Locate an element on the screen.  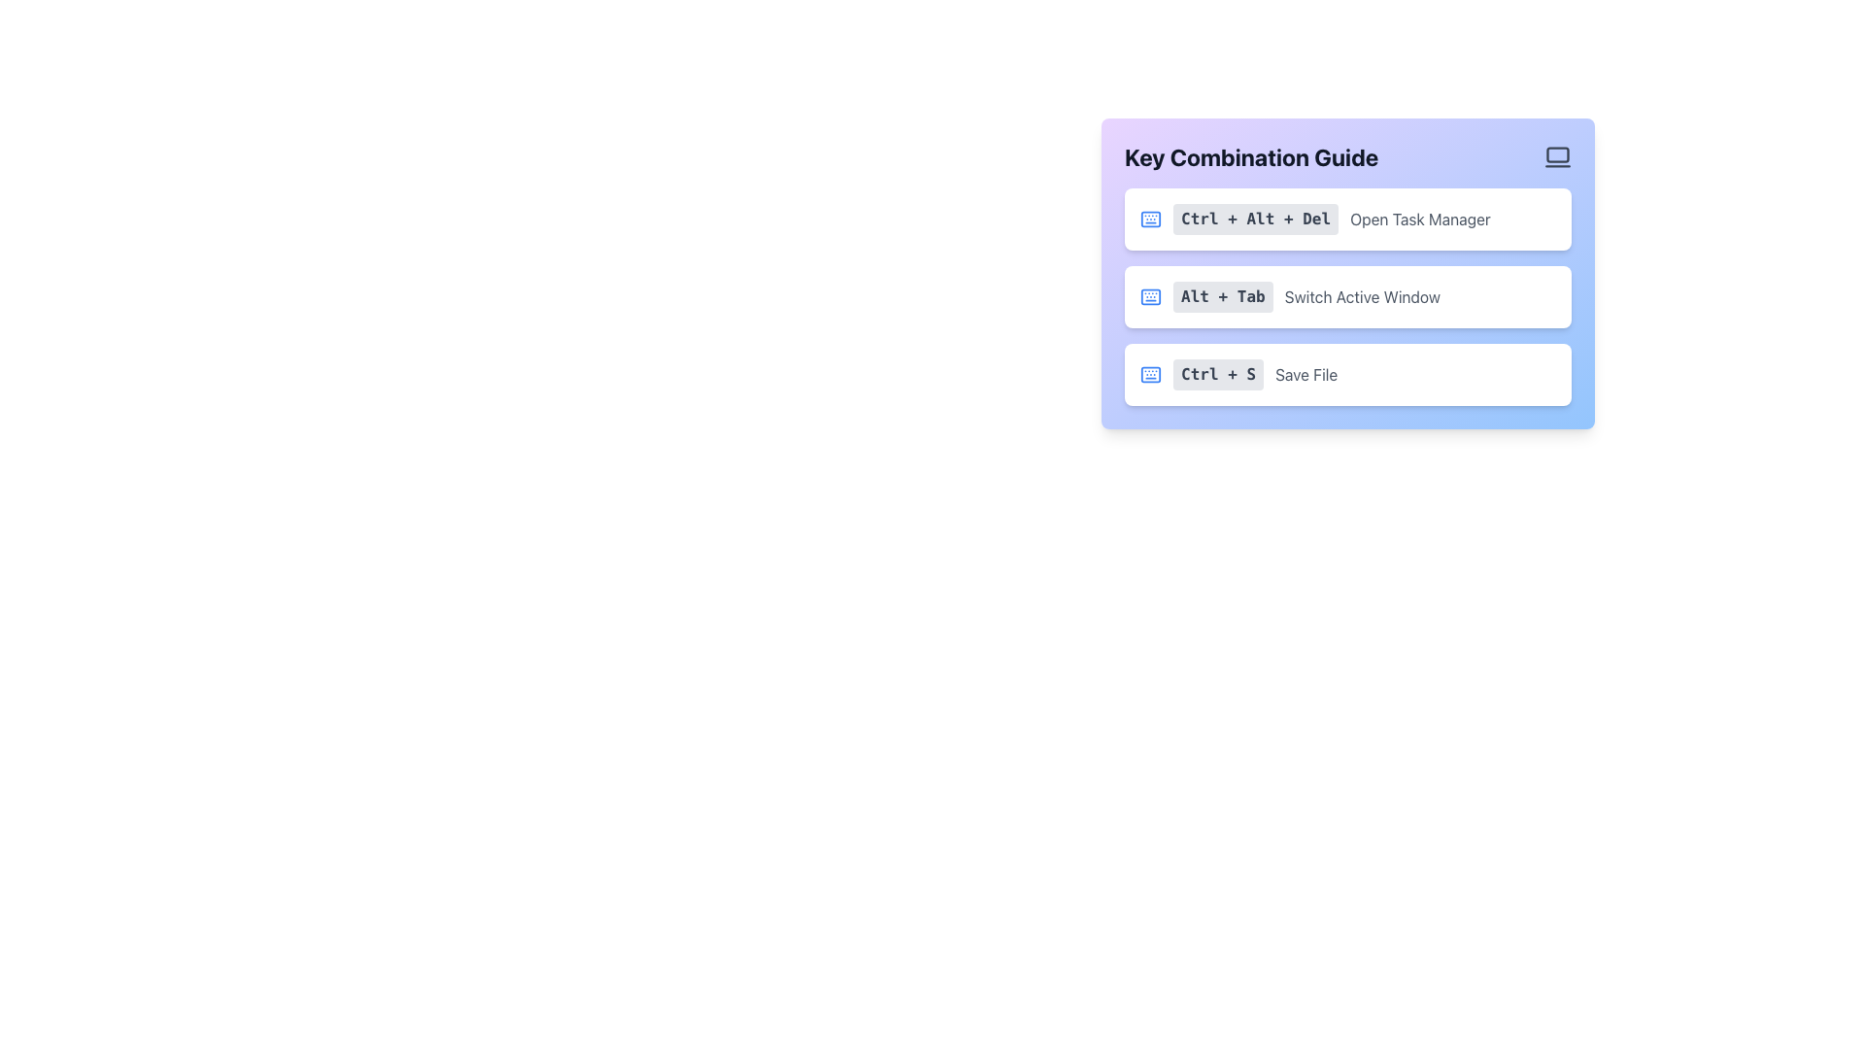
the 'Ctrl + S' text label, which is a rectangular button-like component with a light grey background and rounded corners, styled in bold, dark grey font, located in the third row of the key combination guide is located at coordinates (1217, 374).